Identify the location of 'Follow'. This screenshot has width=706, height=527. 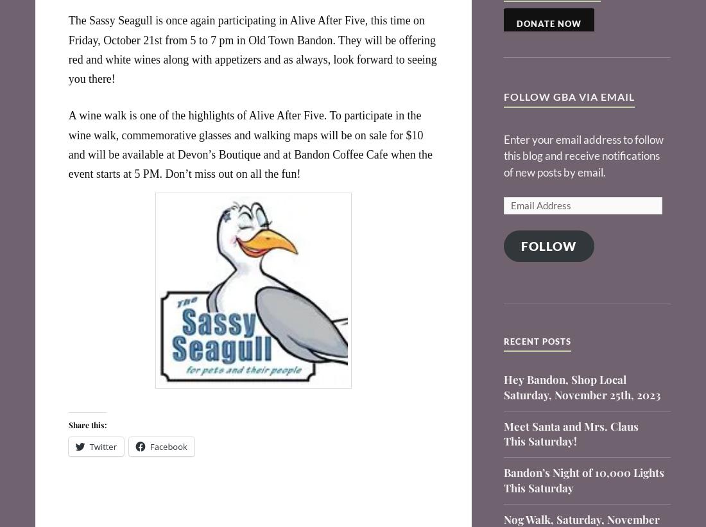
(548, 245).